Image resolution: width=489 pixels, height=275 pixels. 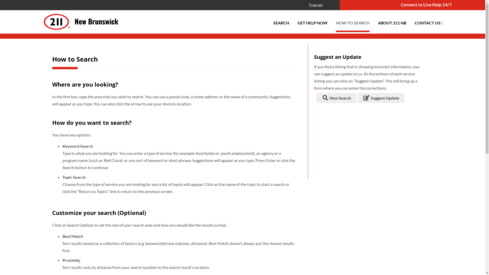 I want to click on 'ABOUT 211 NB', so click(x=392, y=22).